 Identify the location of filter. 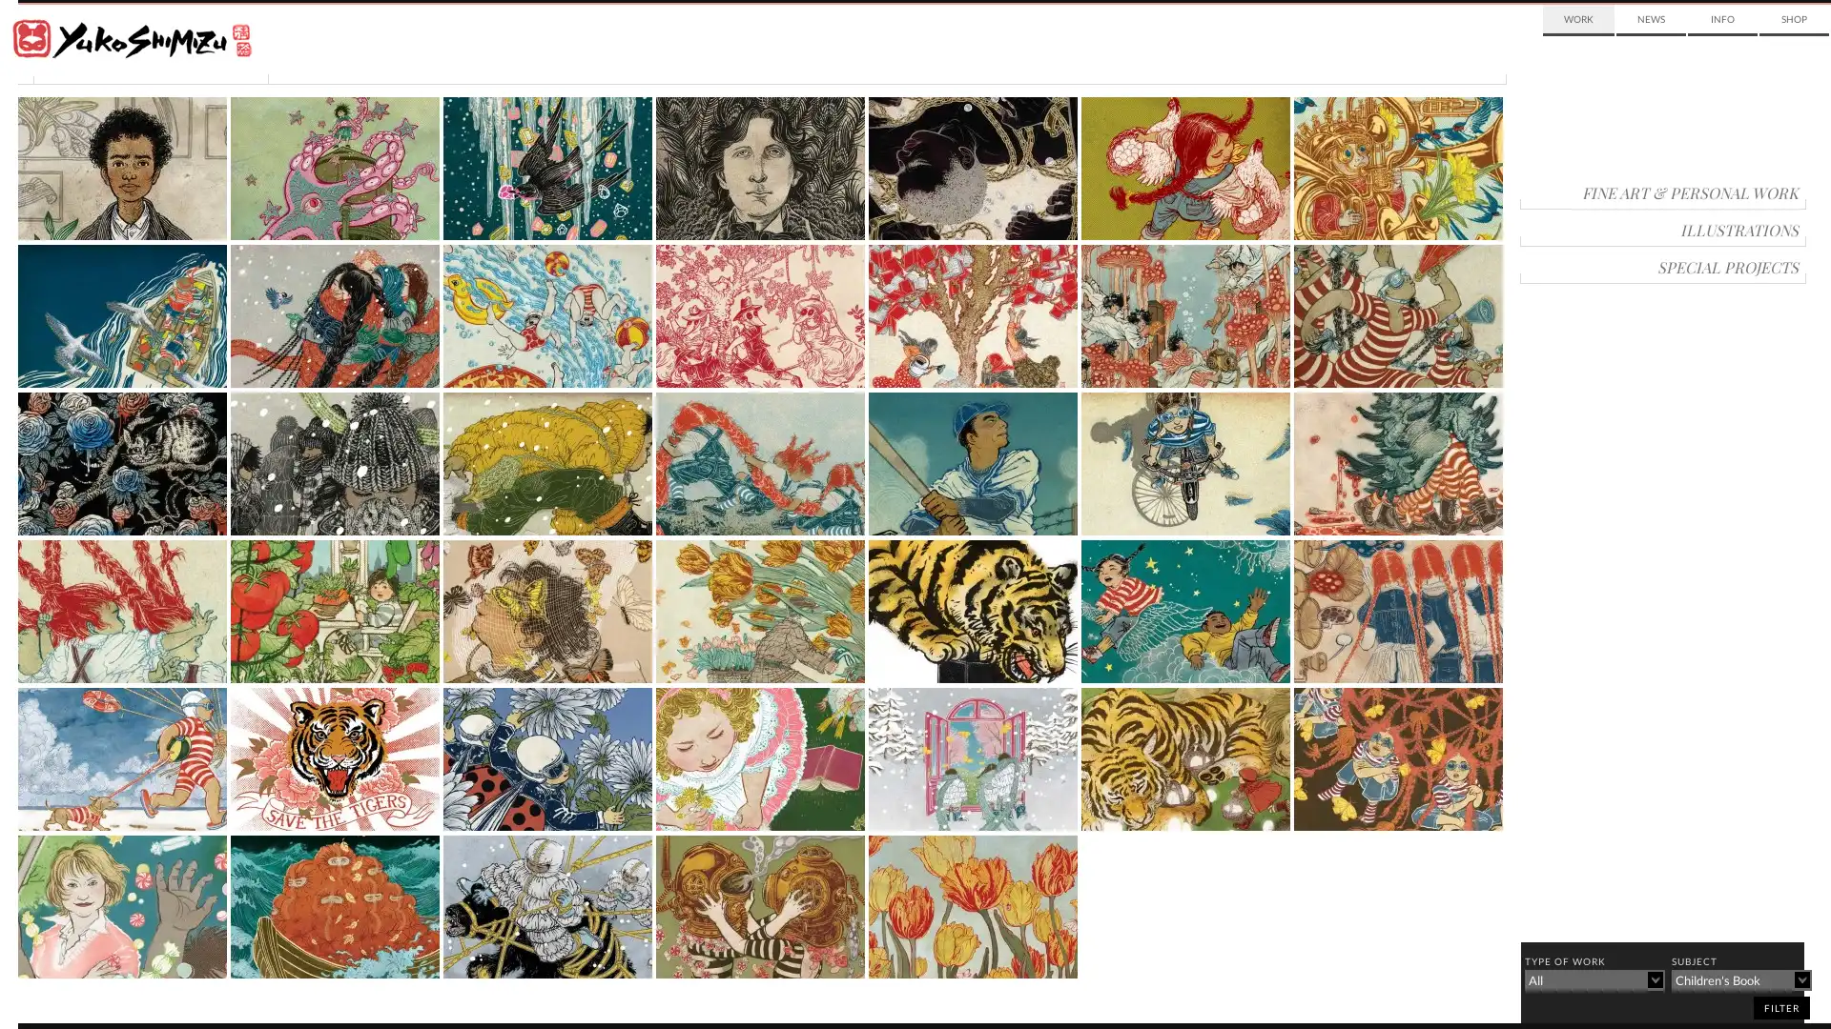
(1780, 1005).